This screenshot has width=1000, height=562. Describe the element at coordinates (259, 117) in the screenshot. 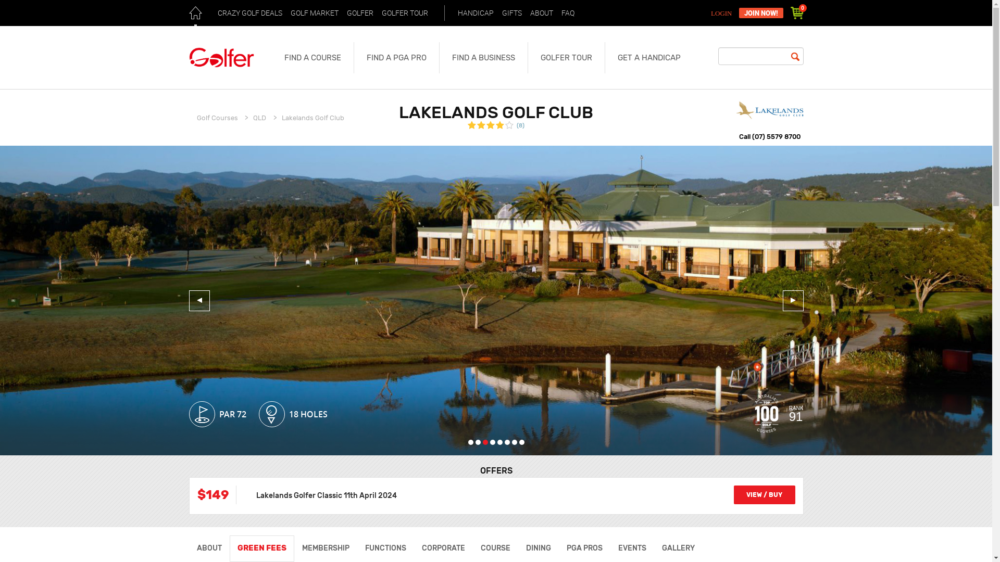

I see `'QLD'` at that location.